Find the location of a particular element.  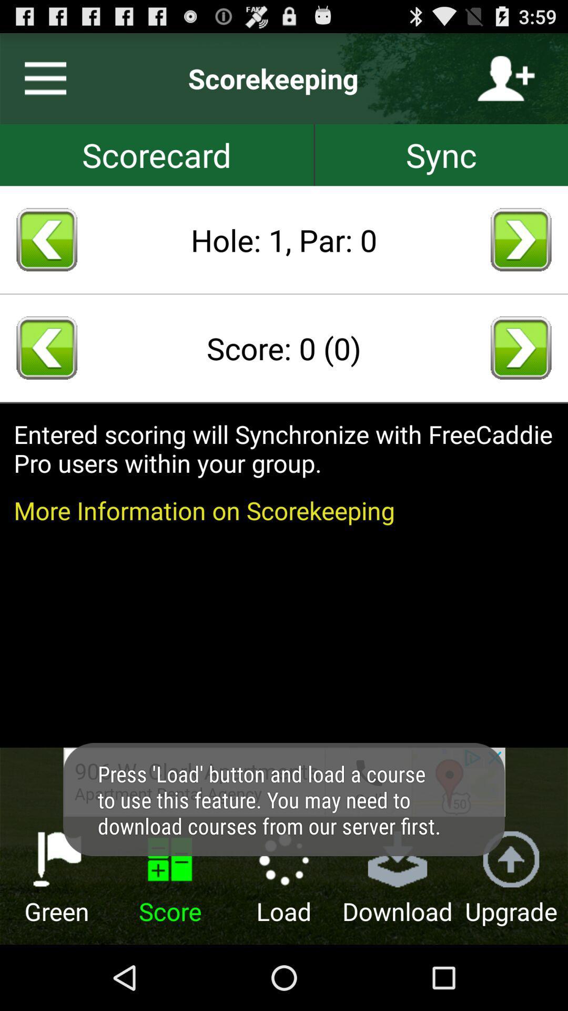

return hole is located at coordinates (46, 239).